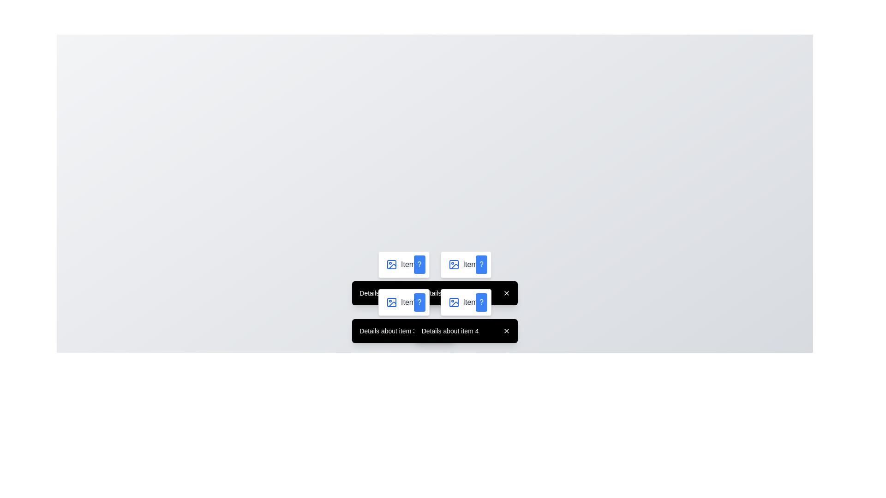  What do you see at coordinates (466, 265) in the screenshot?
I see `the '?' button on the second Interactive Card in the grid layout for additional details` at bounding box center [466, 265].